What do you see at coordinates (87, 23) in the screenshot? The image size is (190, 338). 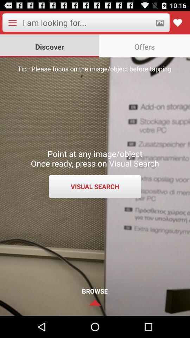 I see `input search term` at bounding box center [87, 23].